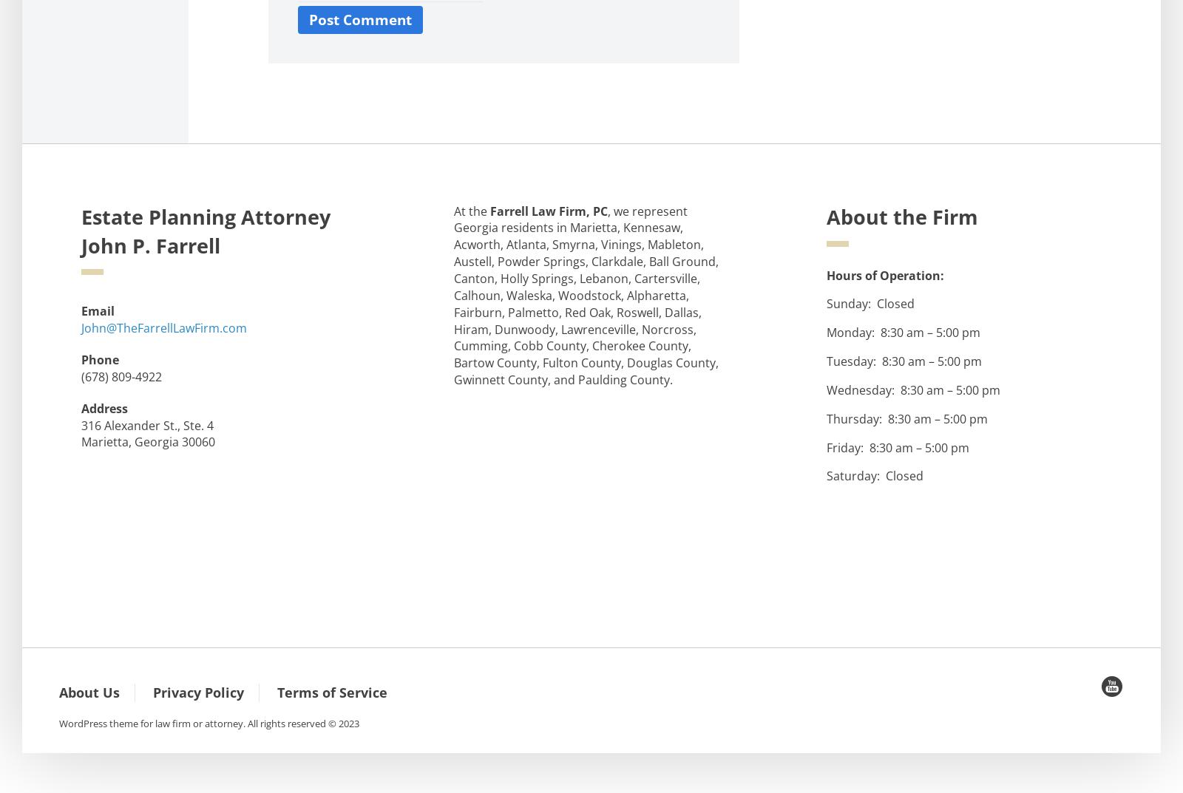 This screenshot has width=1183, height=793. I want to click on 'At the', so click(472, 209).